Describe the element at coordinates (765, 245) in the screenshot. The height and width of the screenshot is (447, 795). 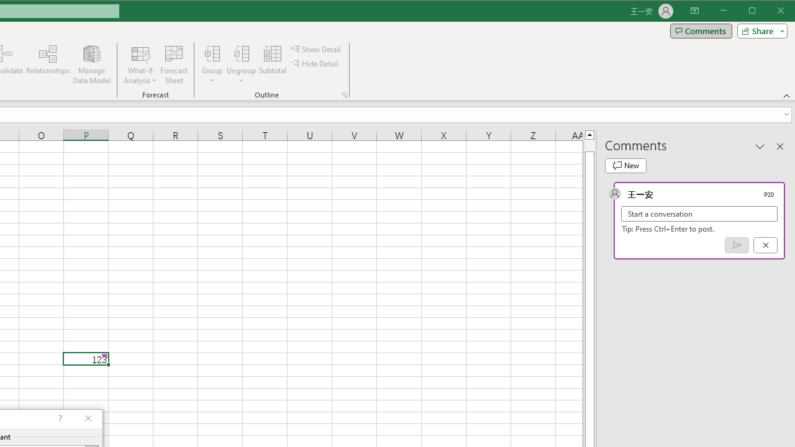
I see `'Cancel'` at that location.